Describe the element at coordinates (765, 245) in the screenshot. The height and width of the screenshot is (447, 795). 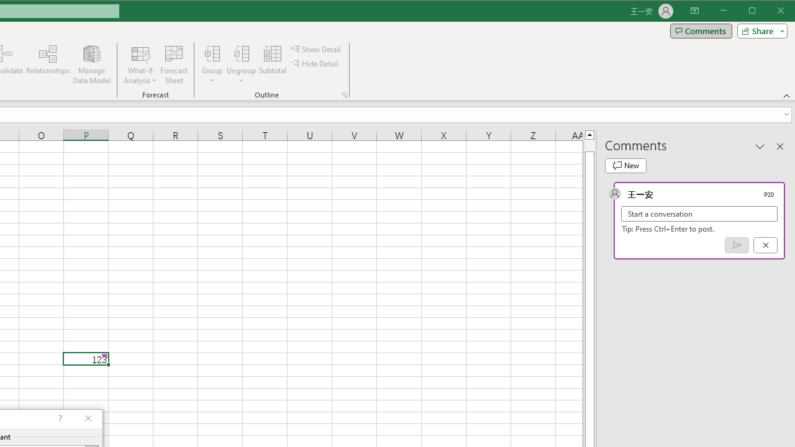
I see `'Cancel'` at that location.